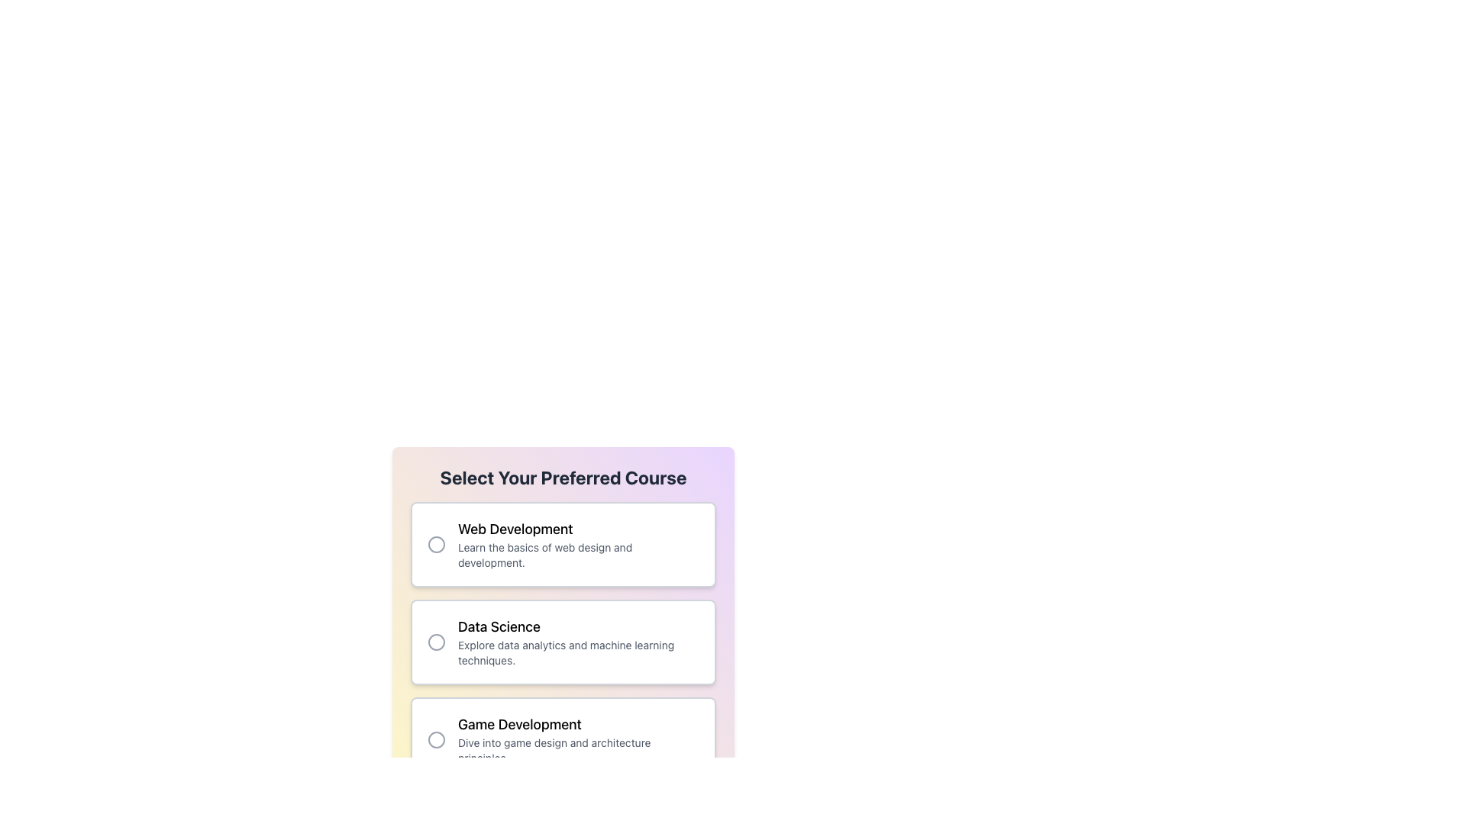 The width and height of the screenshot is (1466, 824). What do you see at coordinates (435, 739) in the screenshot?
I see `the third radio button labeled 'Game Development'` at bounding box center [435, 739].